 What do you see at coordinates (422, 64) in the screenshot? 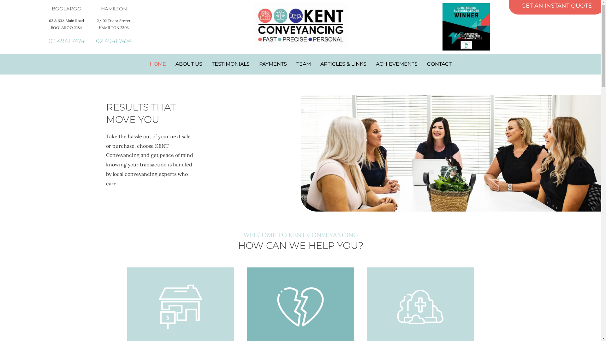
I see `'CONTACT'` at bounding box center [422, 64].